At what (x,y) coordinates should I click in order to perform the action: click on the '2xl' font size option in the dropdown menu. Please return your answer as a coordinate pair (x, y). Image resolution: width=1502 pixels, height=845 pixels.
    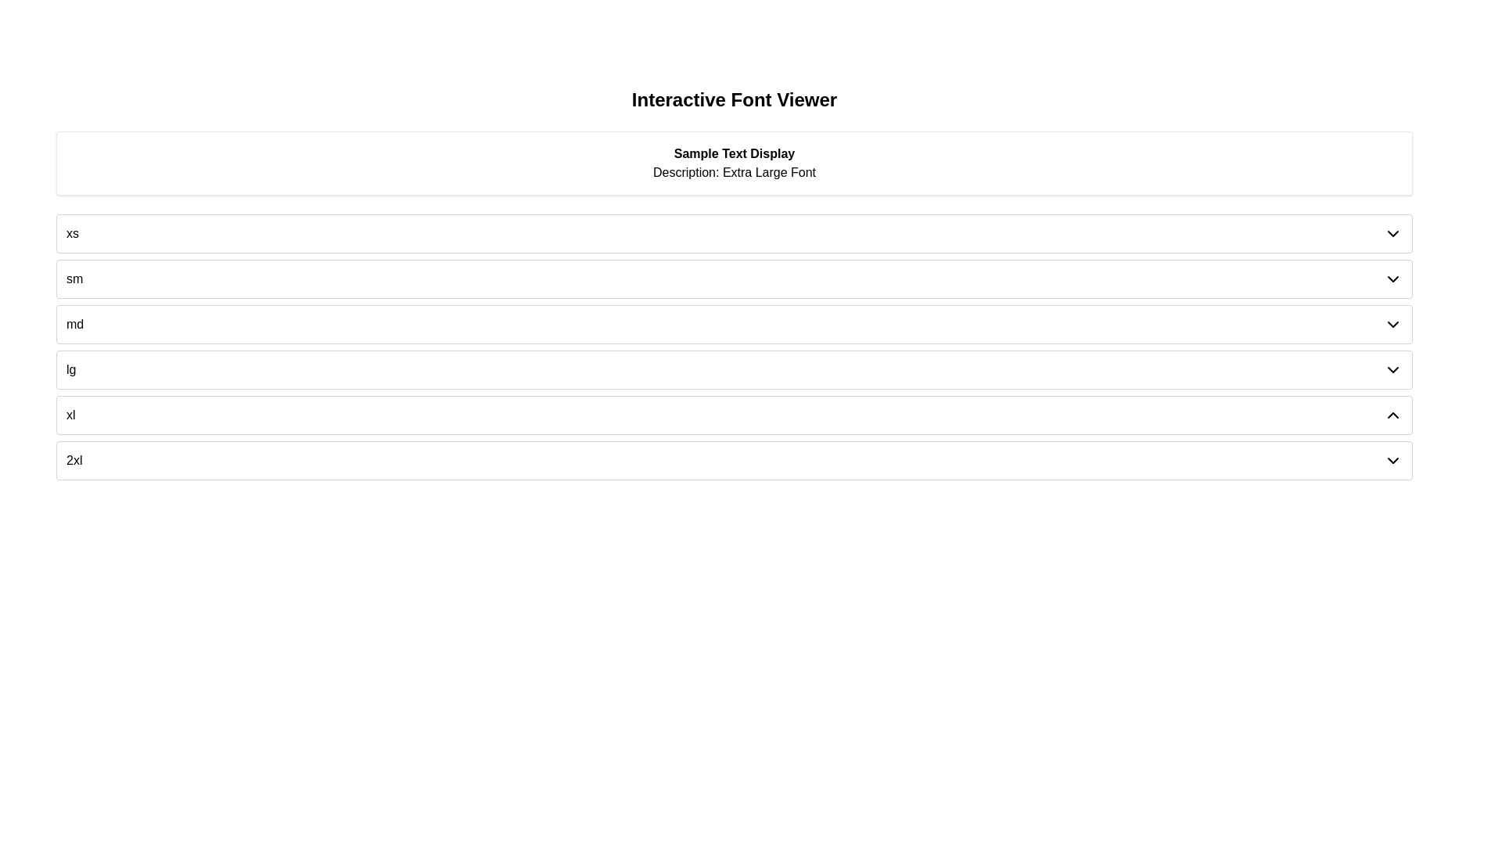
    Looking at the image, I should click on (74, 460).